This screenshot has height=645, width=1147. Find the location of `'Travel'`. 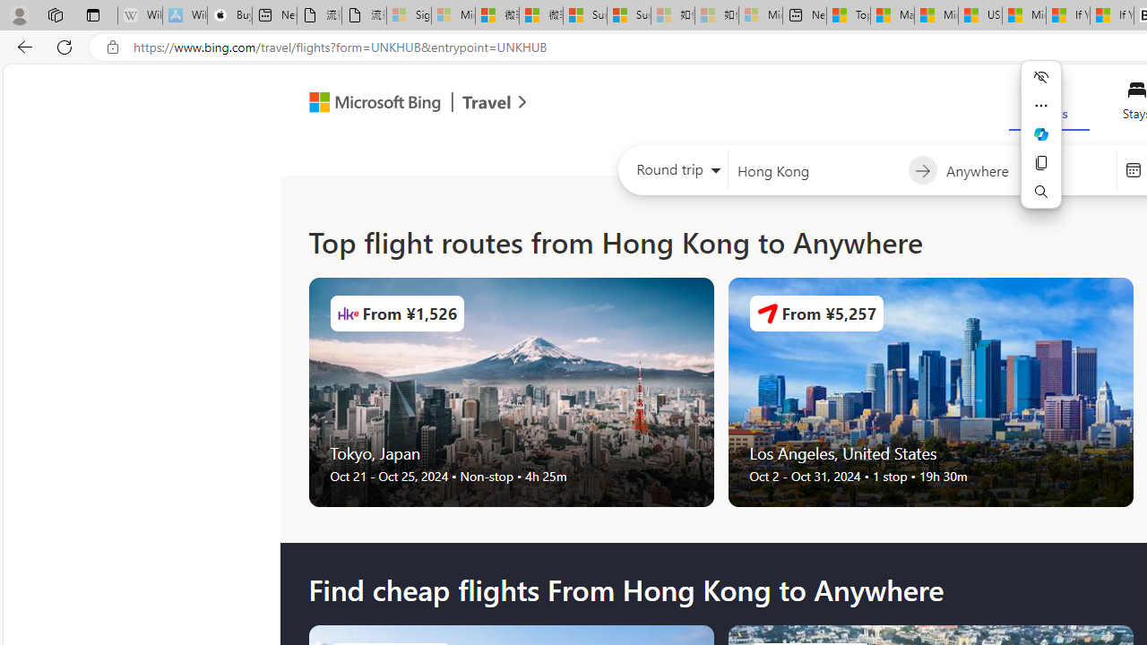

'Travel' is located at coordinates (487, 105).